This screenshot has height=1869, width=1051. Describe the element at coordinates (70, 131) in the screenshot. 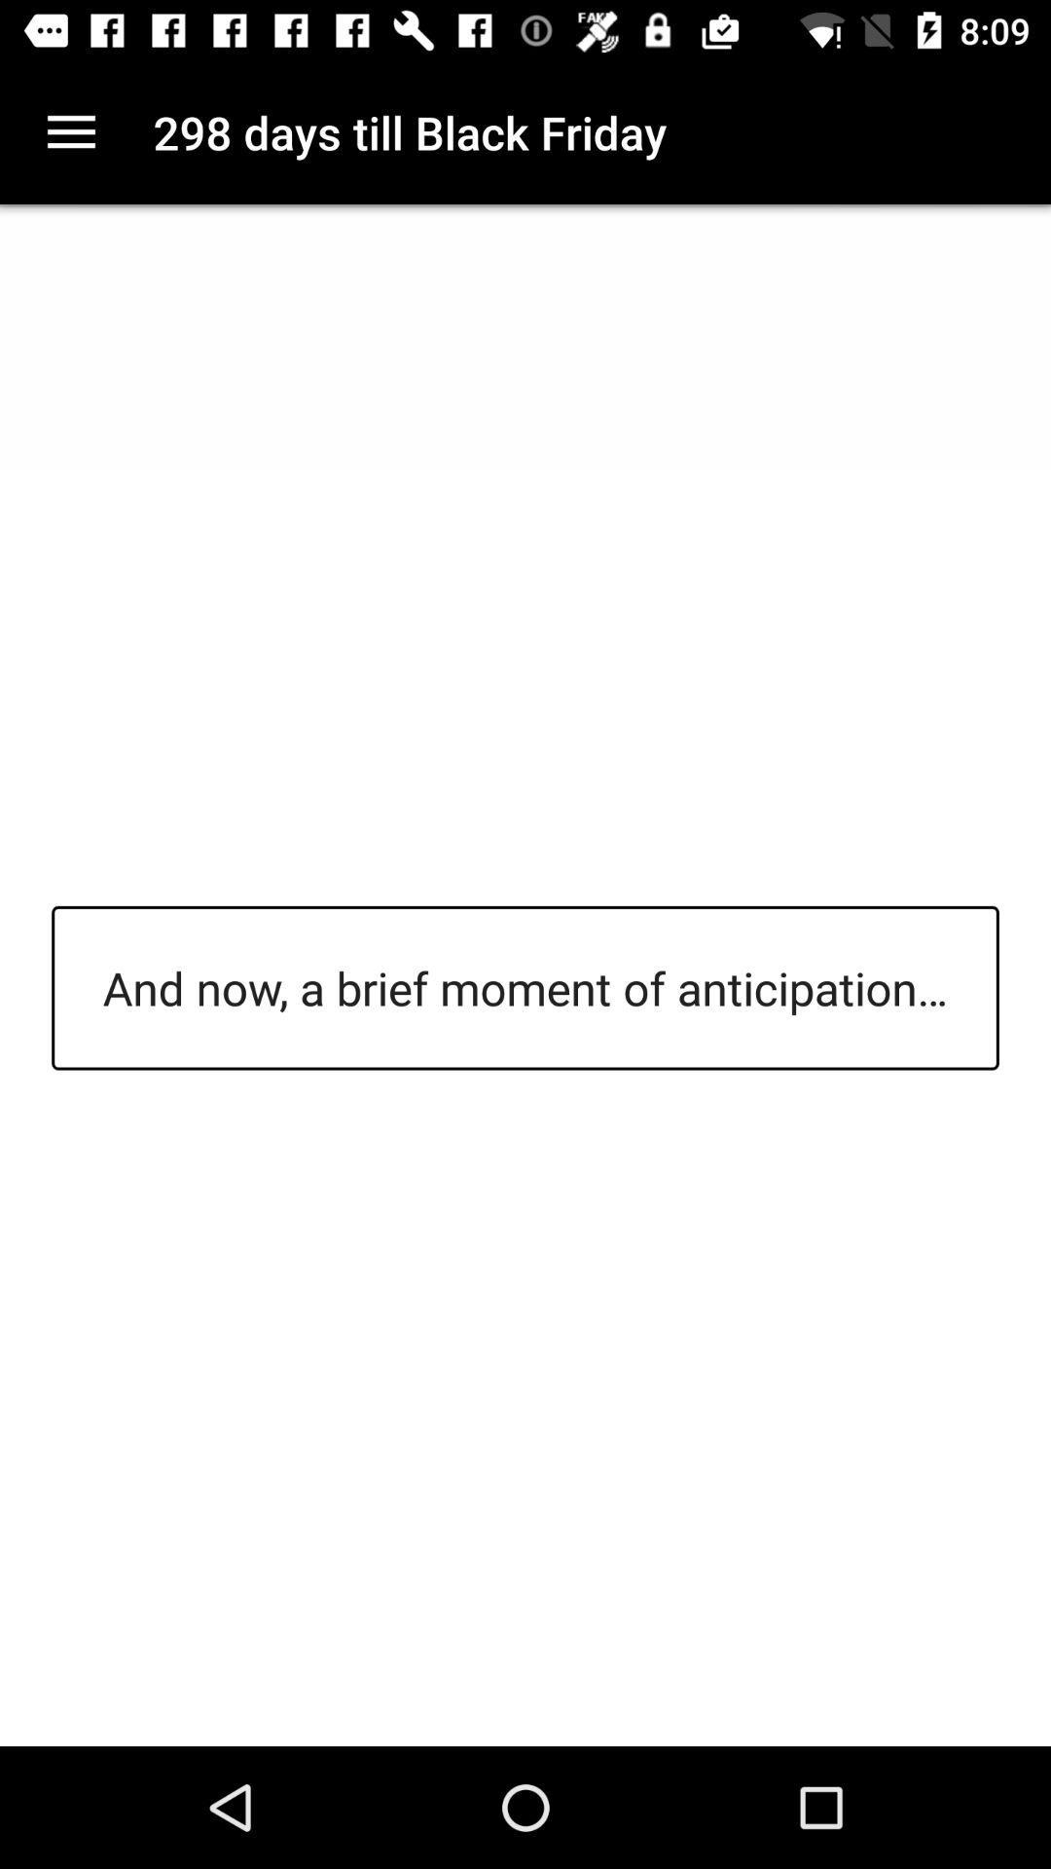

I see `the app to the left of 298 days till app` at that location.